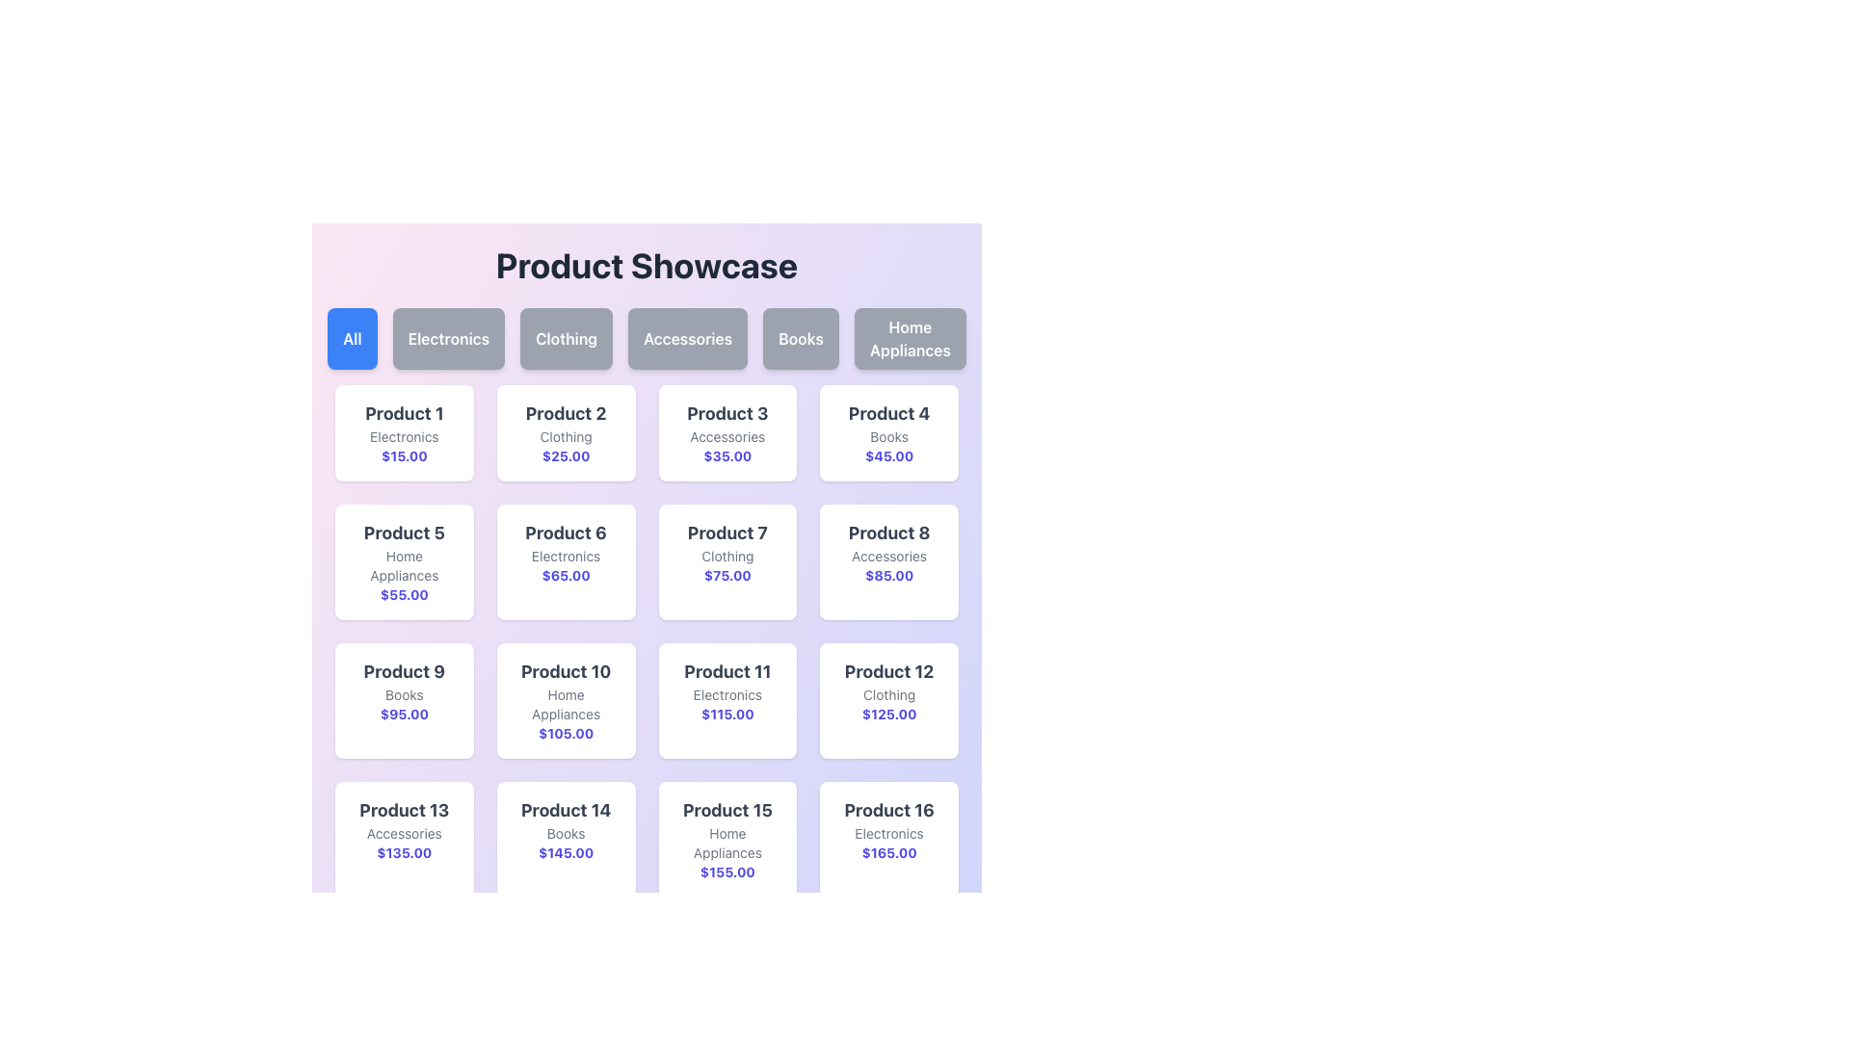 This screenshot has height=1040, width=1850. Describe the element at coordinates (727, 533) in the screenshot. I see `the text label for 'Product 7', which is positioned above 'Clothing' and '$75.00' in the middle row, third column of the grid` at that location.